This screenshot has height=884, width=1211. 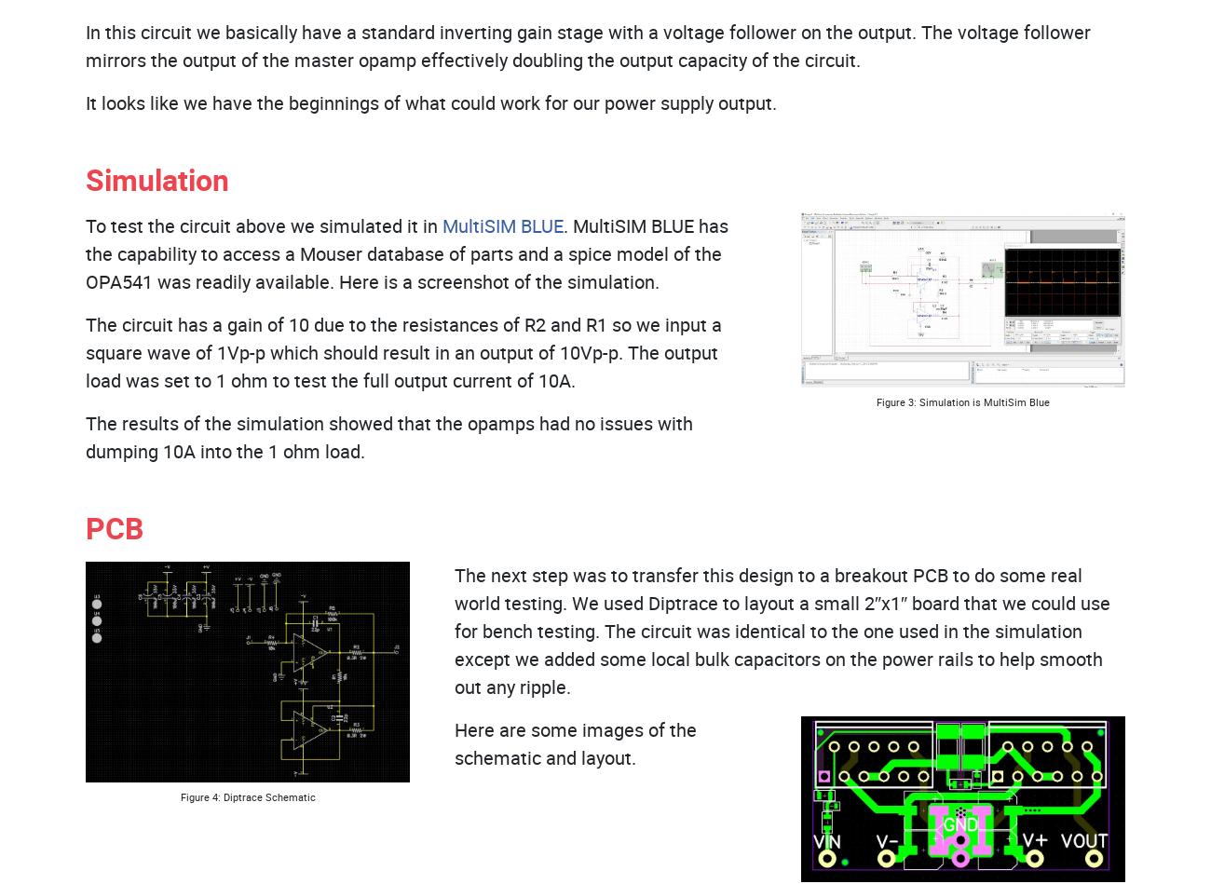 What do you see at coordinates (526, 148) in the screenshot?
I see `'Webinars'` at bounding box center [526, 148].